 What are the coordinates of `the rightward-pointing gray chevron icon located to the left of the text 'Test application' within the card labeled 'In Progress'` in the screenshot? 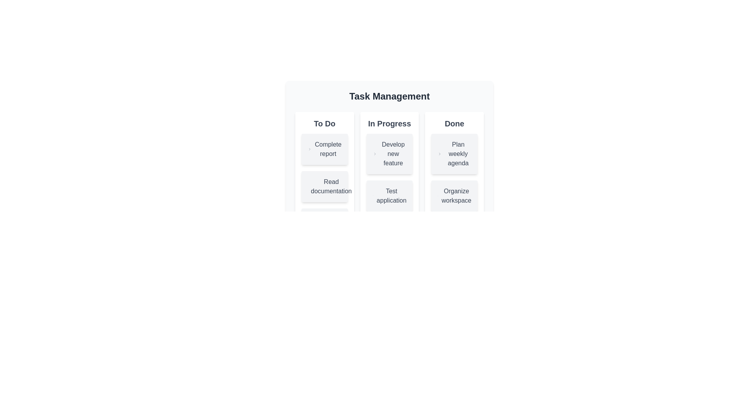 It's located at (372, 196).